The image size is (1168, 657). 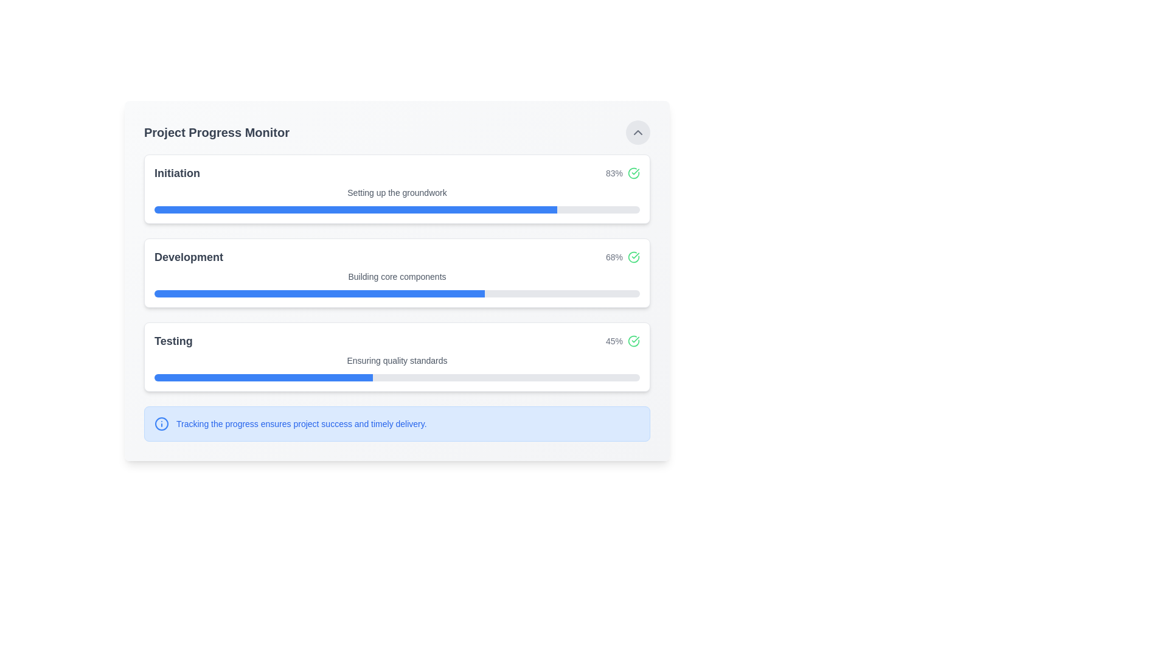 I want to click on the progress percentage, so click(x=336, y=293).